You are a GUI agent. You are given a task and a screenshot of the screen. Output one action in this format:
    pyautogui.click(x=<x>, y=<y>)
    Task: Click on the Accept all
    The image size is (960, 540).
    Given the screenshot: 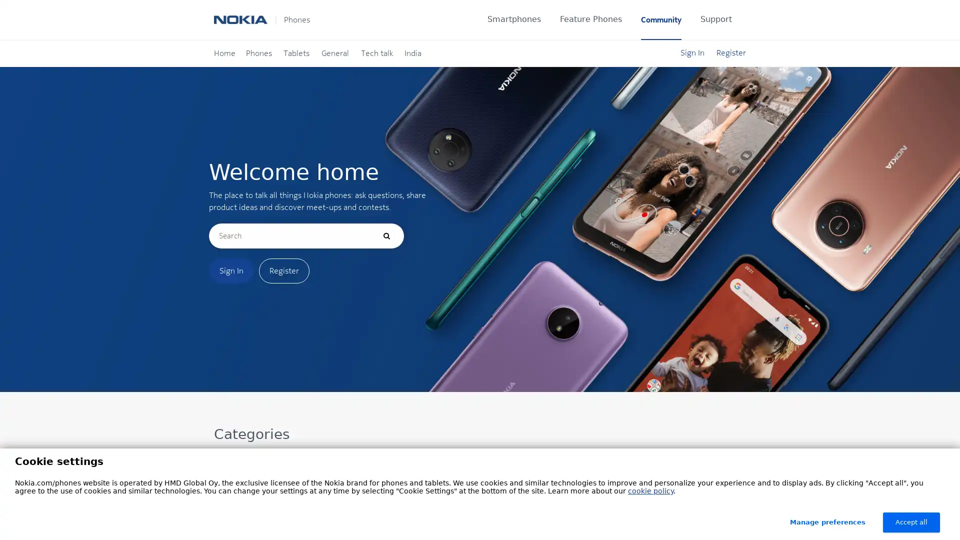 What is the action you would take?
    pyautogui.click(x=911, y=522)
    